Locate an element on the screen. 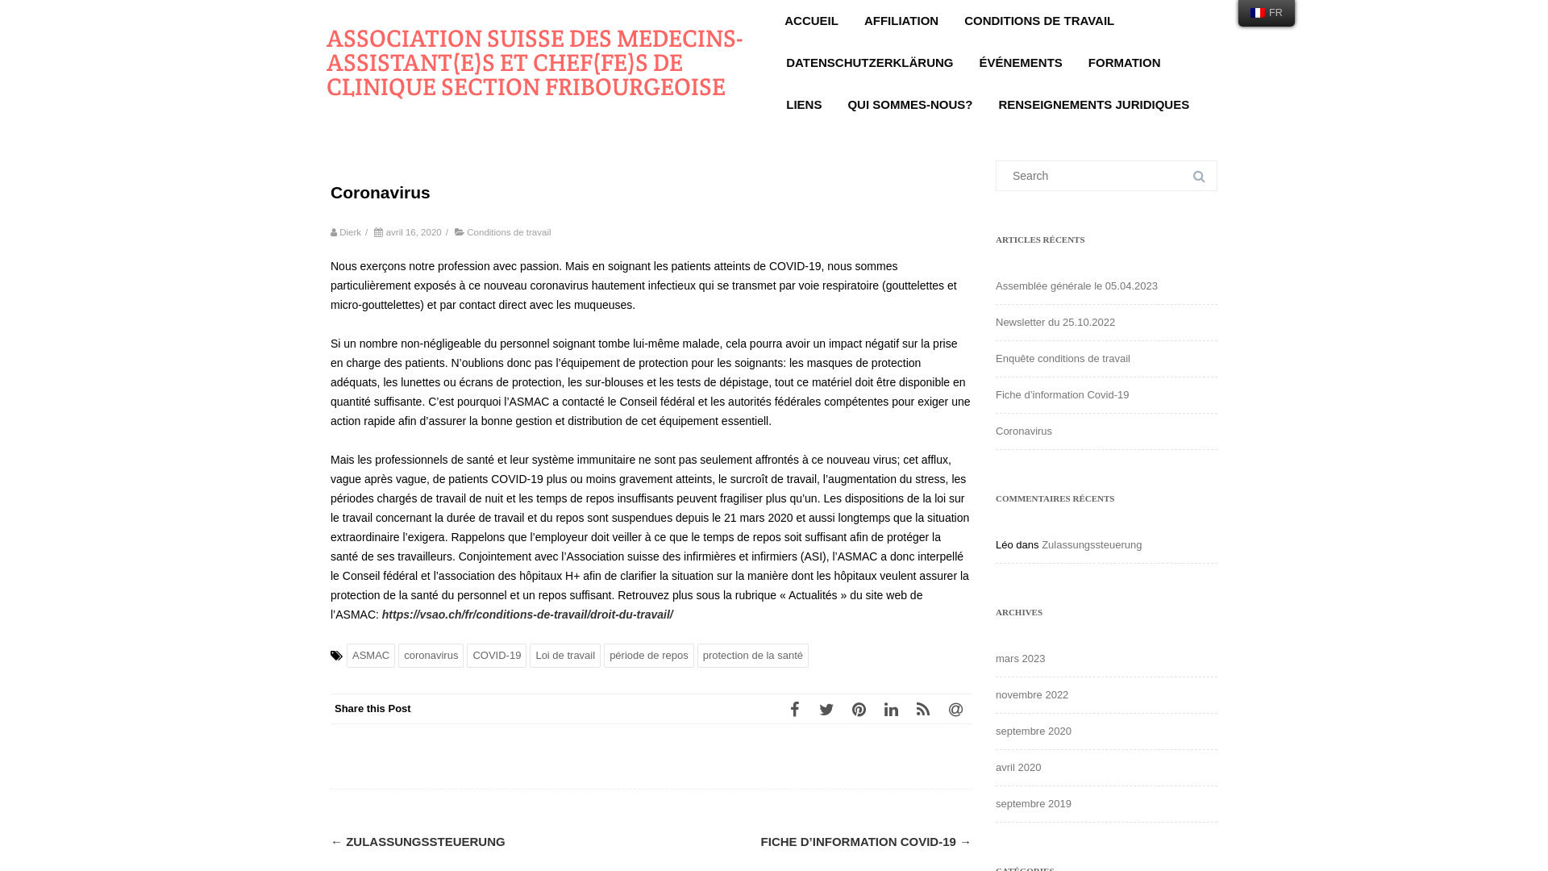  'septembre 2019' is located at coordinates (1033, 803).